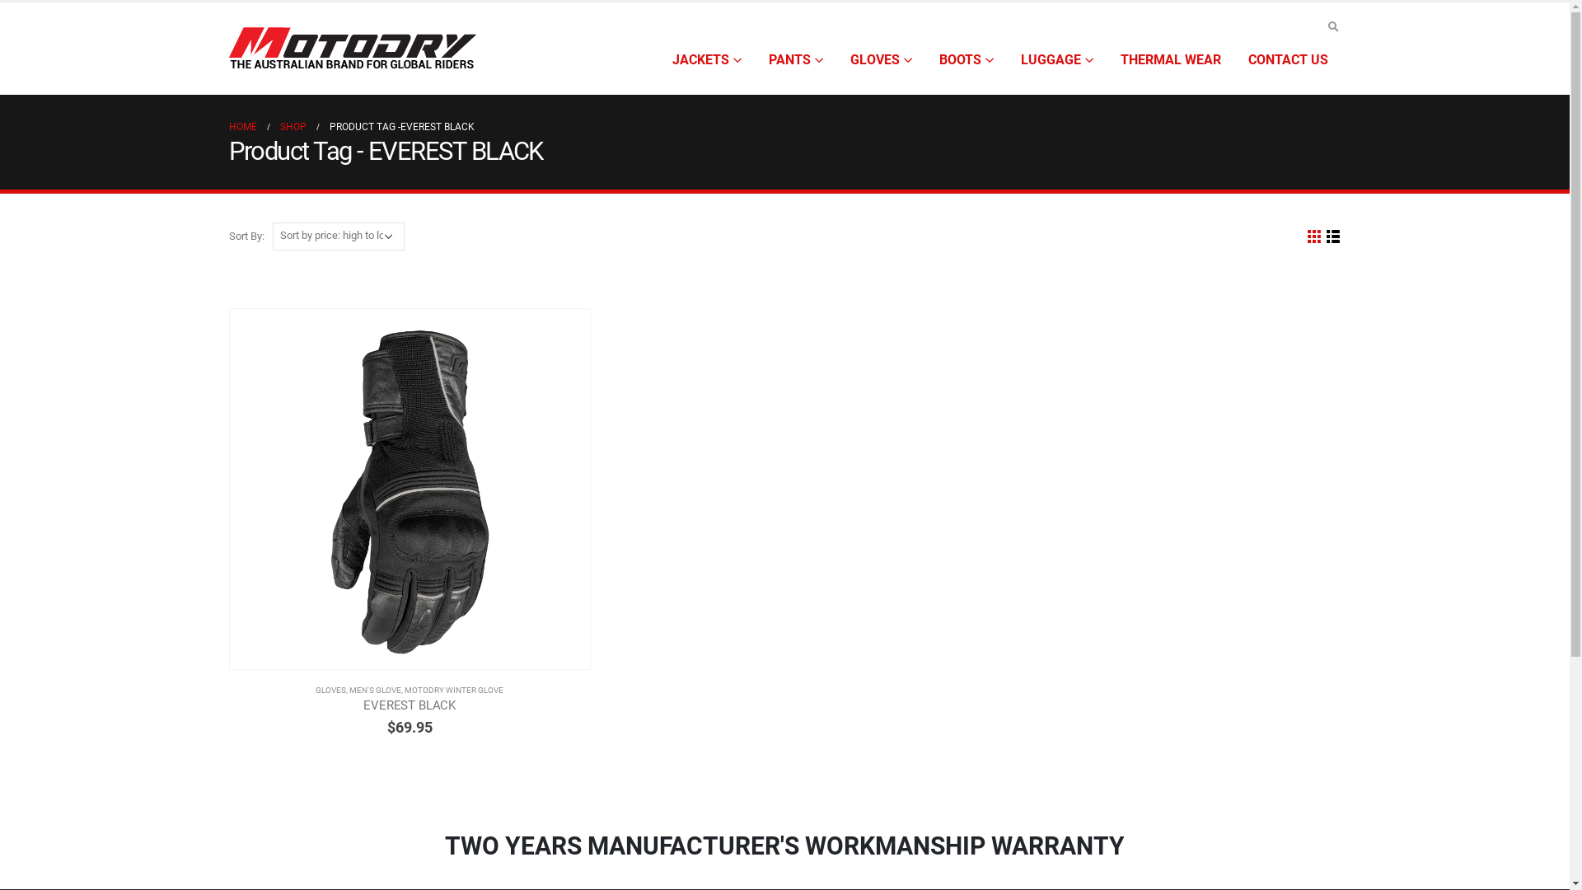 Image resolution: width=1582 pixels, height=890 pixels. What do you see at coordinates (1304, 237) in the screenshot?
I see `'Grid View'` at bounding box center [1304, 237].